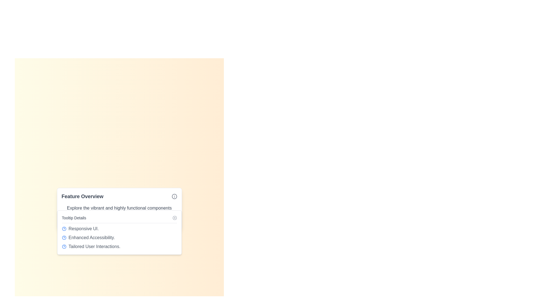  Describe the element at coordinates (64, 246) in the screenshot. I see `the blue circular icon with a question mark, located to the left of 'Tailored User Interactions.'` at that location.